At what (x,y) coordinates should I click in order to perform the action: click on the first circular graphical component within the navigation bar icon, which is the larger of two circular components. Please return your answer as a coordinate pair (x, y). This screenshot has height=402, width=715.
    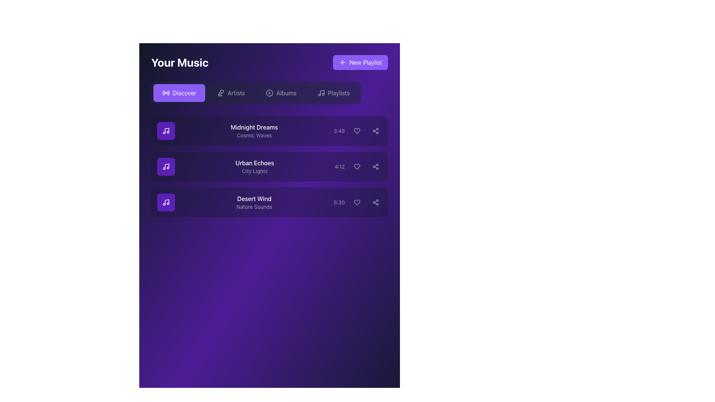
    Looking at the image, I should click on (269, 93).